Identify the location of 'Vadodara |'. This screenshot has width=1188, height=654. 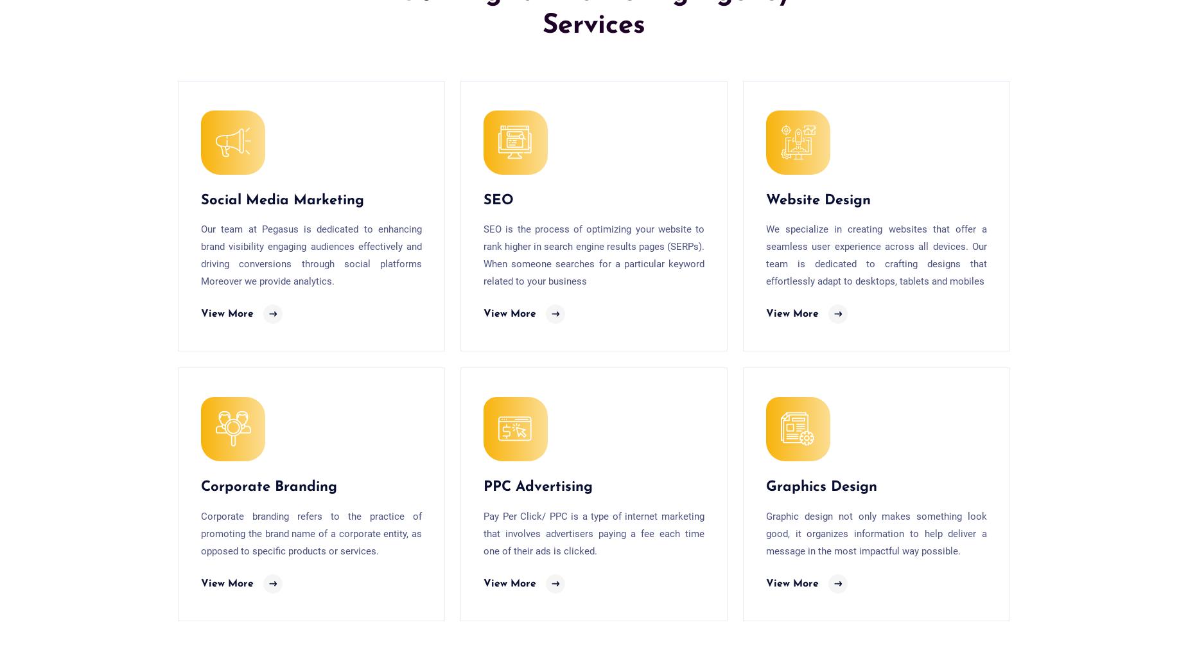
(767, 260).